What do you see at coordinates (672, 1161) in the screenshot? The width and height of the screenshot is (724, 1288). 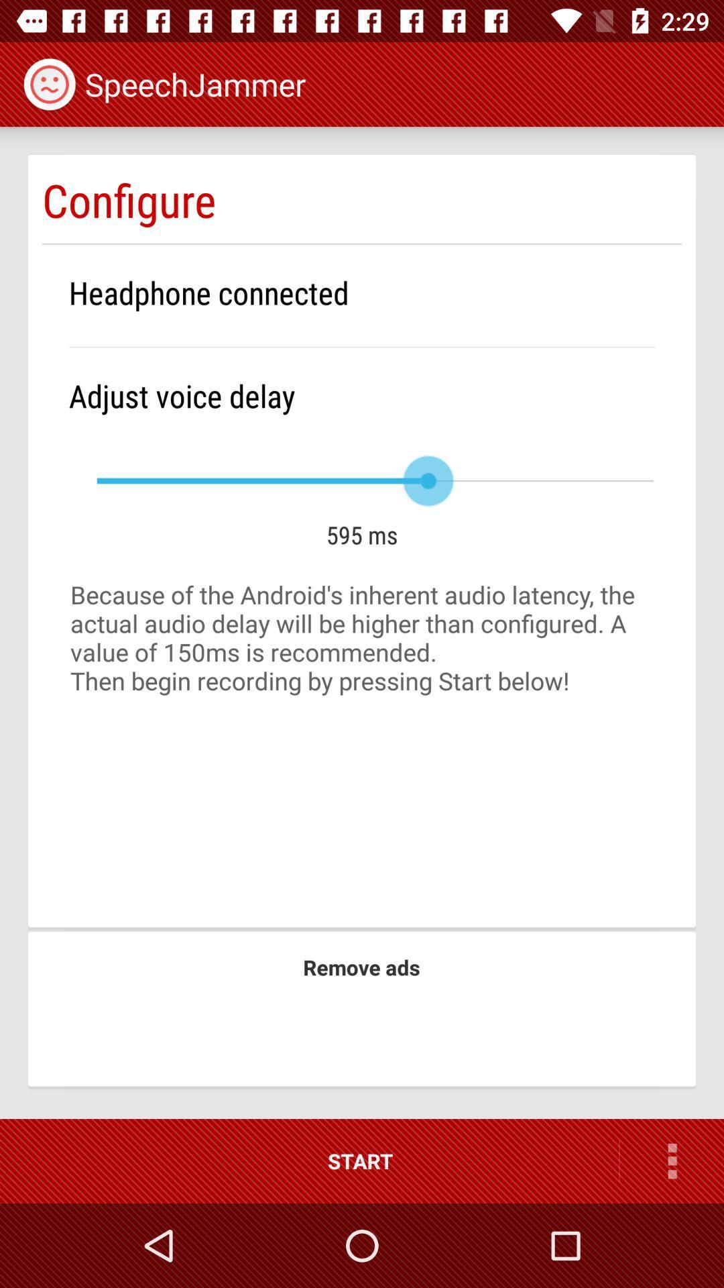 I see `icon at the bottom right corner` at bounding box center [672, 1161].